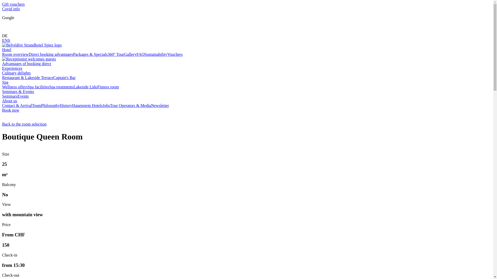  What do you see at coordinates (246, 73) in the screenshot?
I see `'Culinary delights'` at bounding box center [246, 73].